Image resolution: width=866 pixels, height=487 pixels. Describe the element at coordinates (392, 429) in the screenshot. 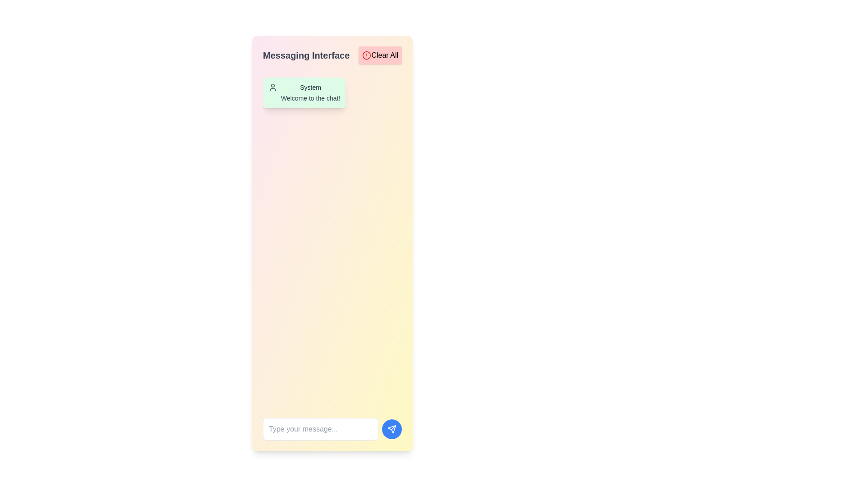

I see `the SVG icon resembling a paper plane within the blue button located at the bottom-right corner of the messaging interface` at that location.